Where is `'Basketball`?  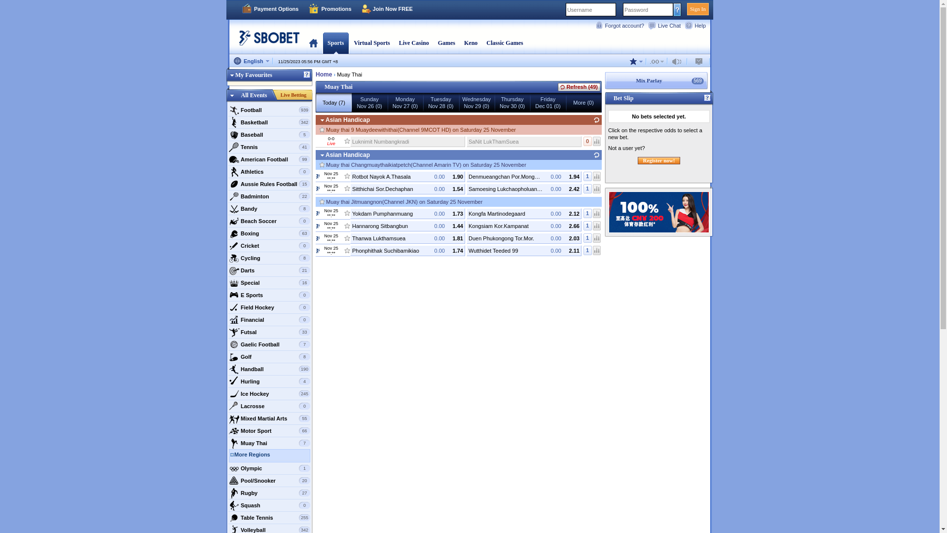 'Basketball is located at coordinates (269, 121).